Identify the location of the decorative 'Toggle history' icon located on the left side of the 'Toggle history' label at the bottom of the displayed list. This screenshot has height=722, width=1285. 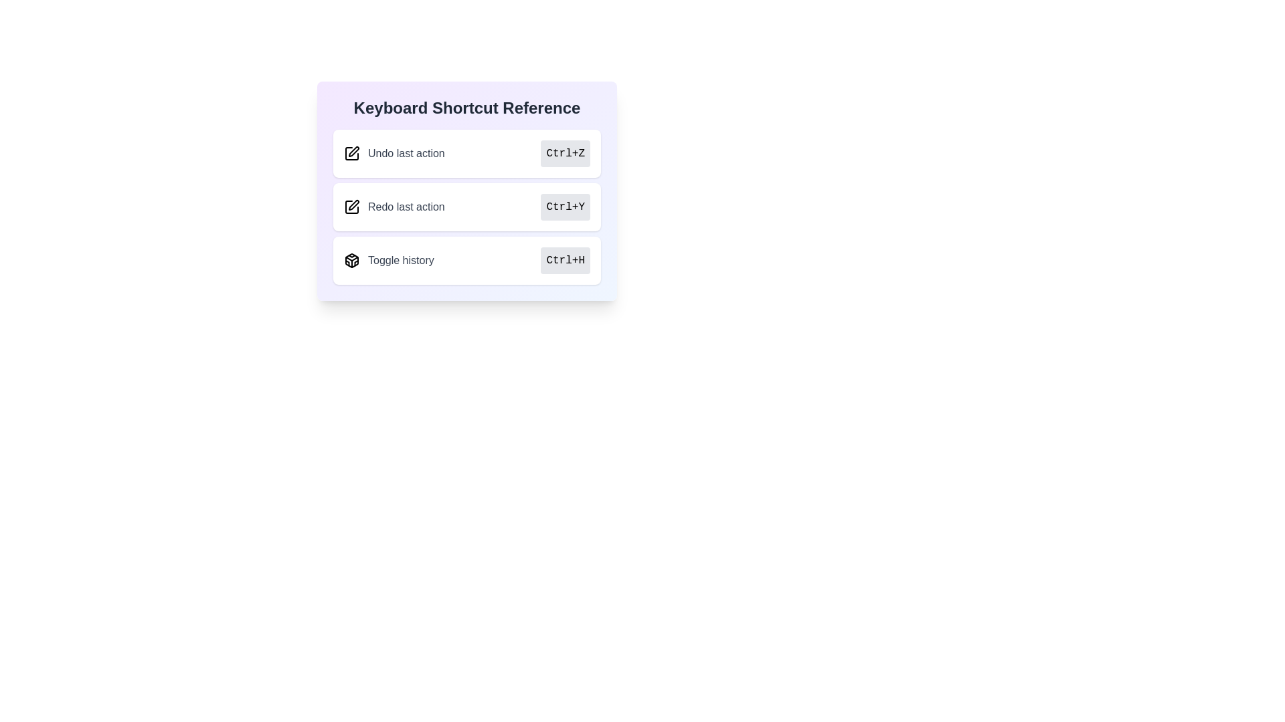
(352, 260).